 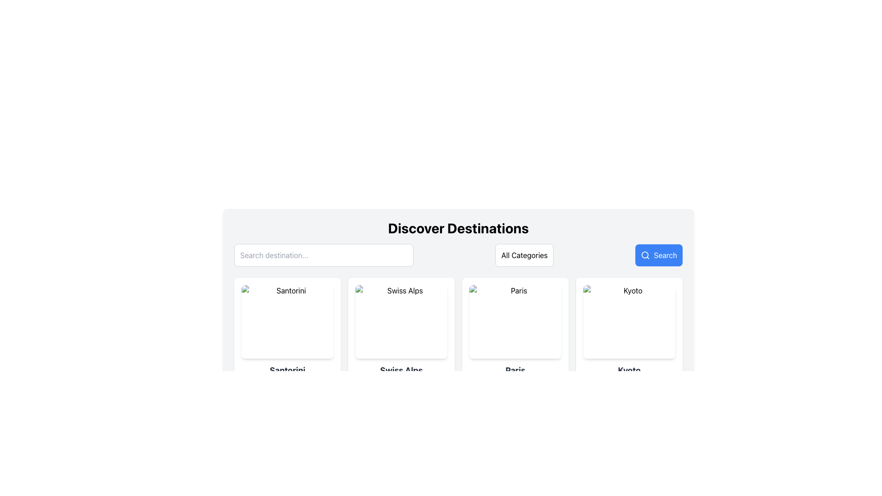 What do you see at coordinates (525, 255) in the screenshot?
I see `the 'All Categories' dropdown menu` at bounding box center [525, 255].